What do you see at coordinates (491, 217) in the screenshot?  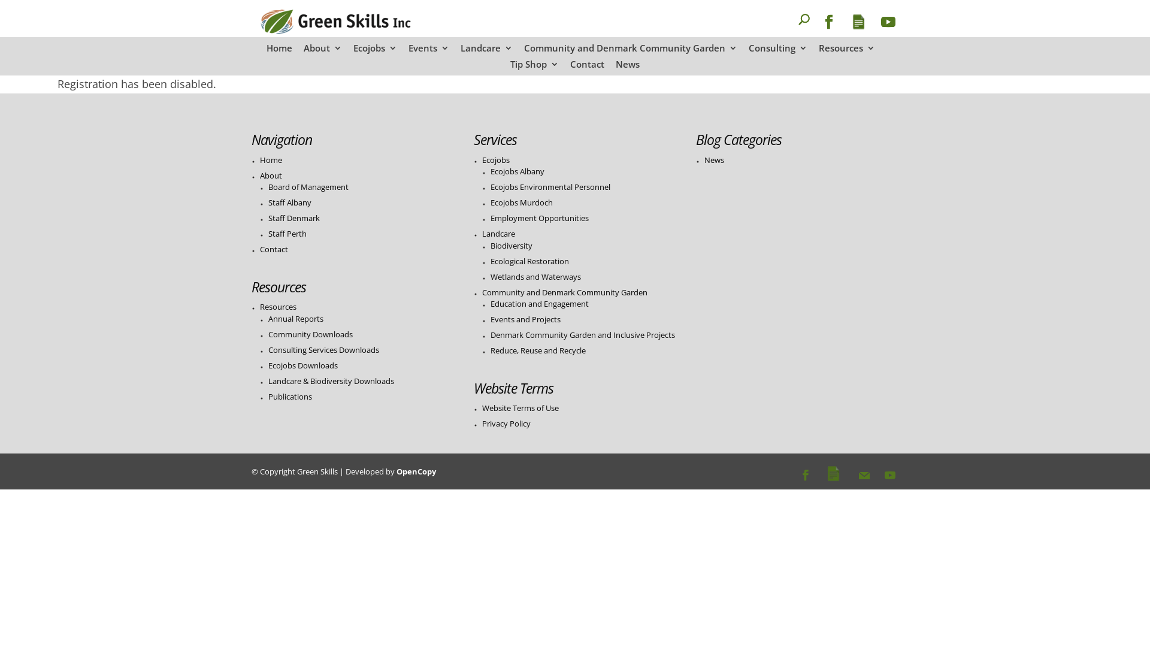 I see `'Employment Opportunities'` at bounding box center [491, 217].